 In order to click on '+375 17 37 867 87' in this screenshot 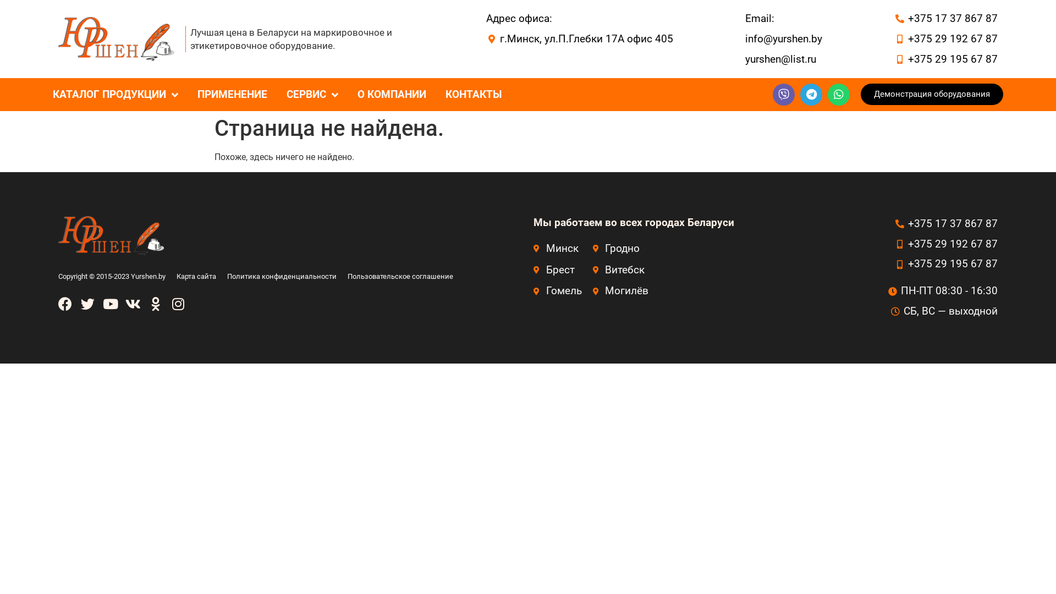, I will do `click(945, 223)`.